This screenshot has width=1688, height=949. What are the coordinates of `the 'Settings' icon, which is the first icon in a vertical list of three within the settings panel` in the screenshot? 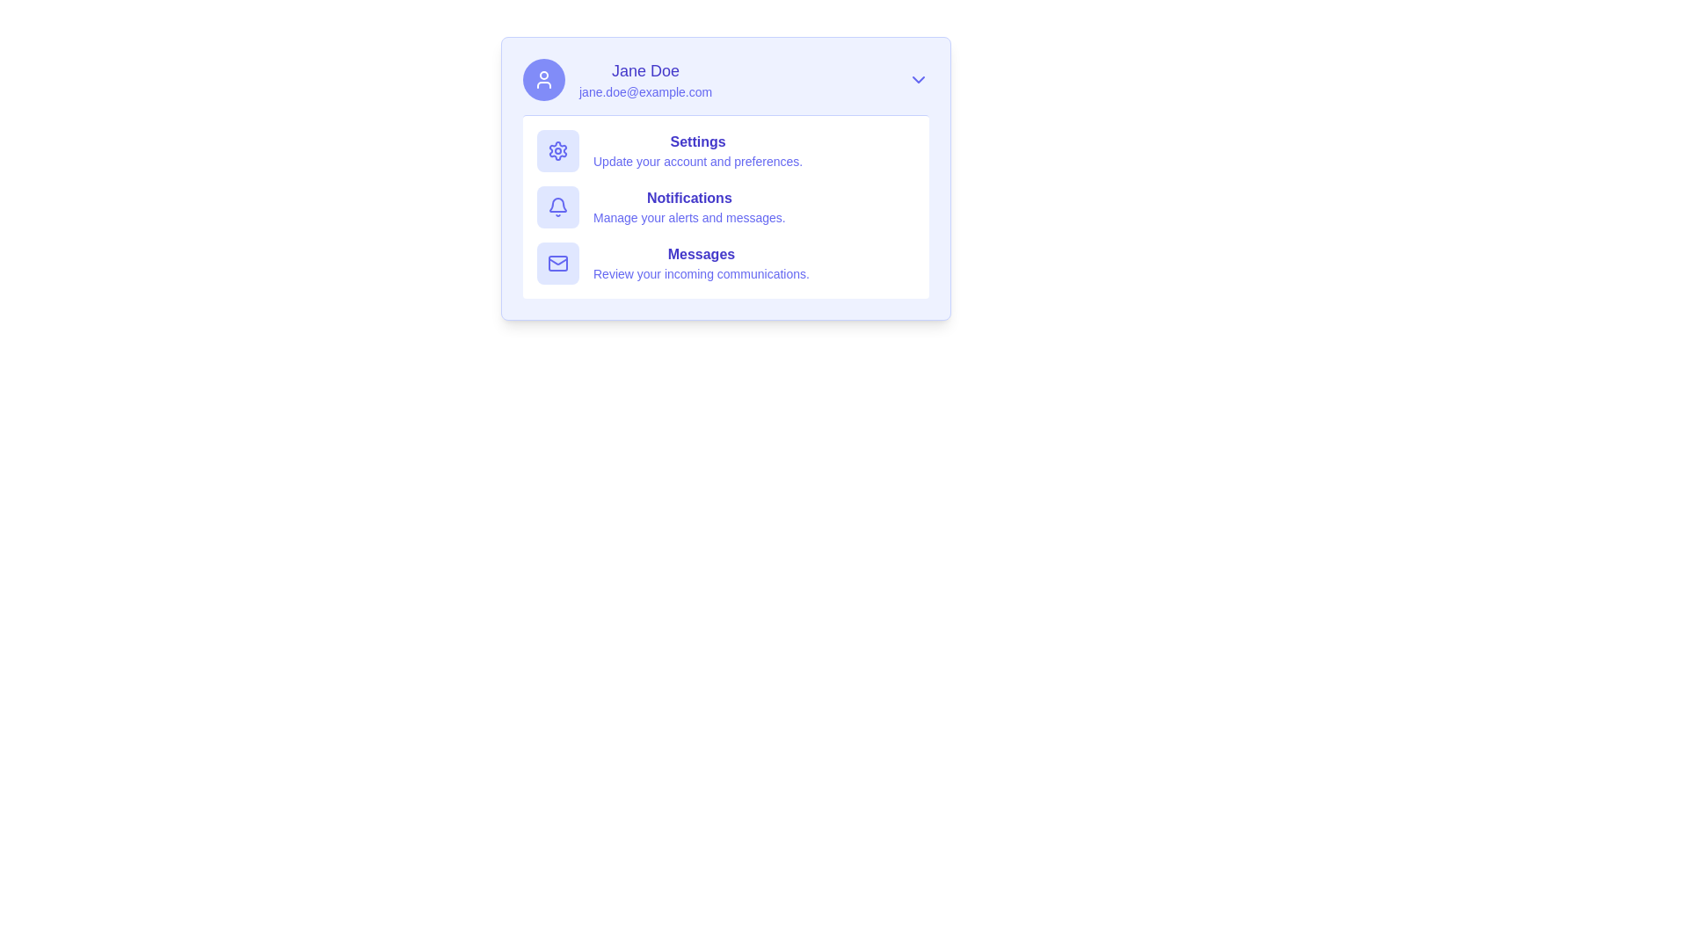 It's located at (557, 150).